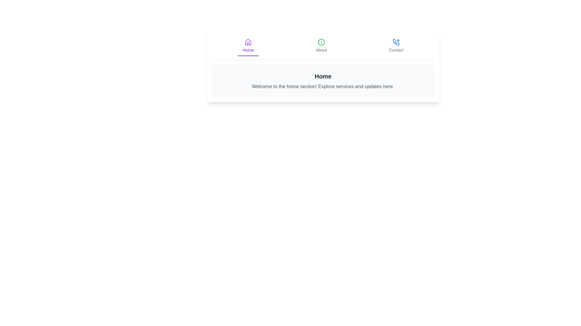 This screenshot has width=581, height=326. I want to click on the Contact tab by clicking its corresponding button, so click(396, 46).